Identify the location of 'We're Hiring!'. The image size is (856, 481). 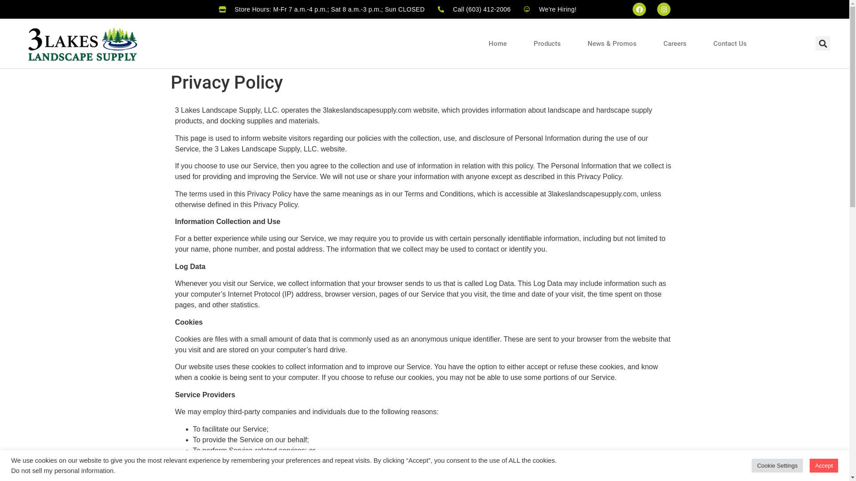
(549, 9).